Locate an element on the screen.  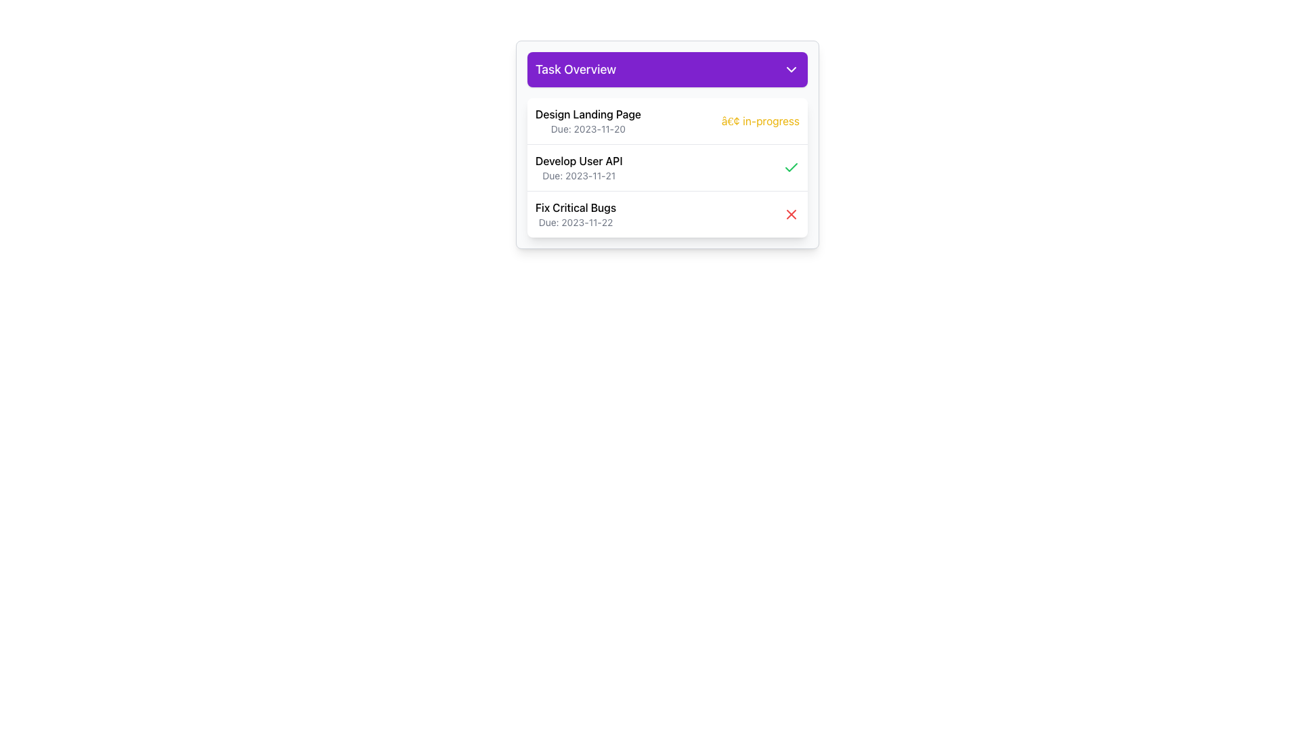
the text label displaying 'Due: 2023-11-20', which is styled in gray and is located below 'Design Landing Page' in the 'Task Overview' section is located at coordinates (588, 129).